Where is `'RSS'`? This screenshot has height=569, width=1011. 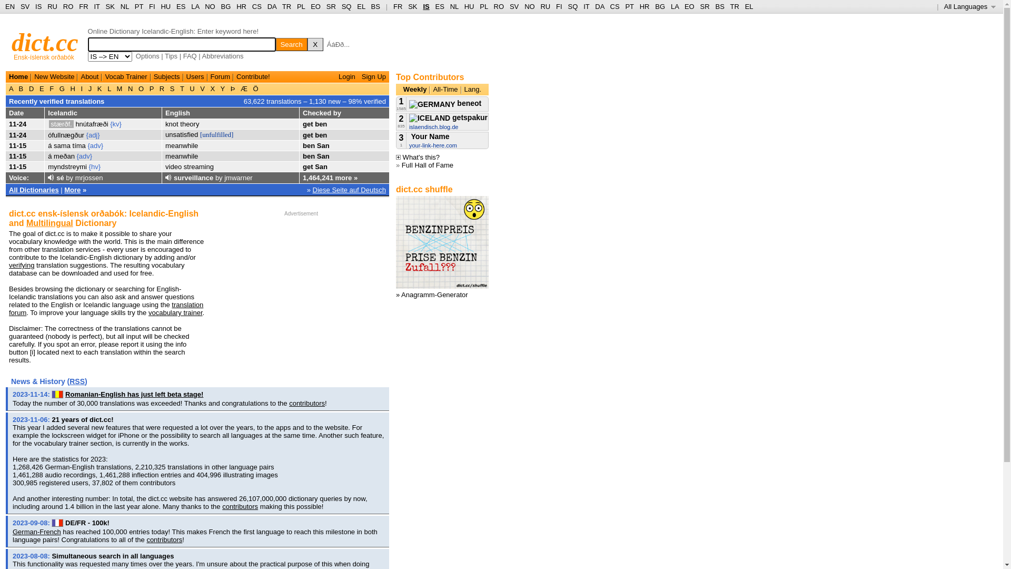
'RSS' is located at coordinates (76, 381).